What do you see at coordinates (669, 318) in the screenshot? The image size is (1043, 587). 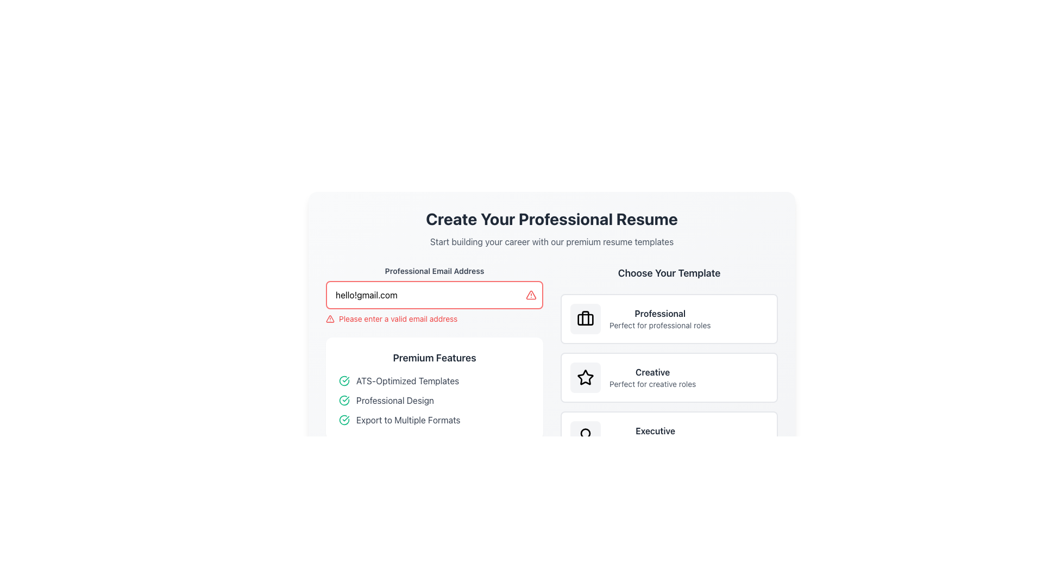 I see `the 'Professional' selectable template option in the 'Choose Your Template' section` at bounding box center [669, 318].